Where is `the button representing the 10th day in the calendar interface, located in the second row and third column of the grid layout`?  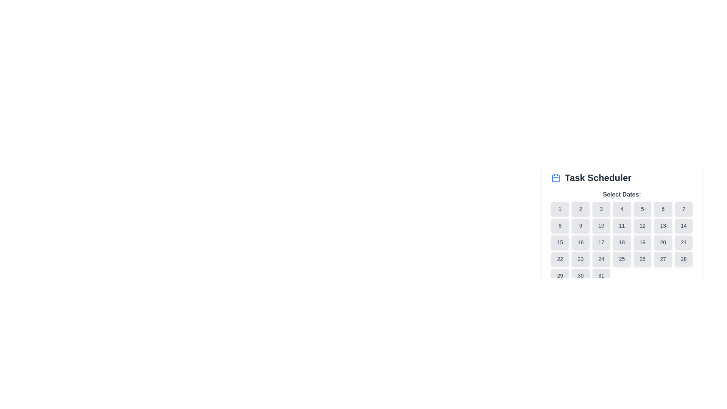 the button representing the 10th day in the calendar interface, located in the second row and third column of the grid layout is located at coordinates (601, 225).